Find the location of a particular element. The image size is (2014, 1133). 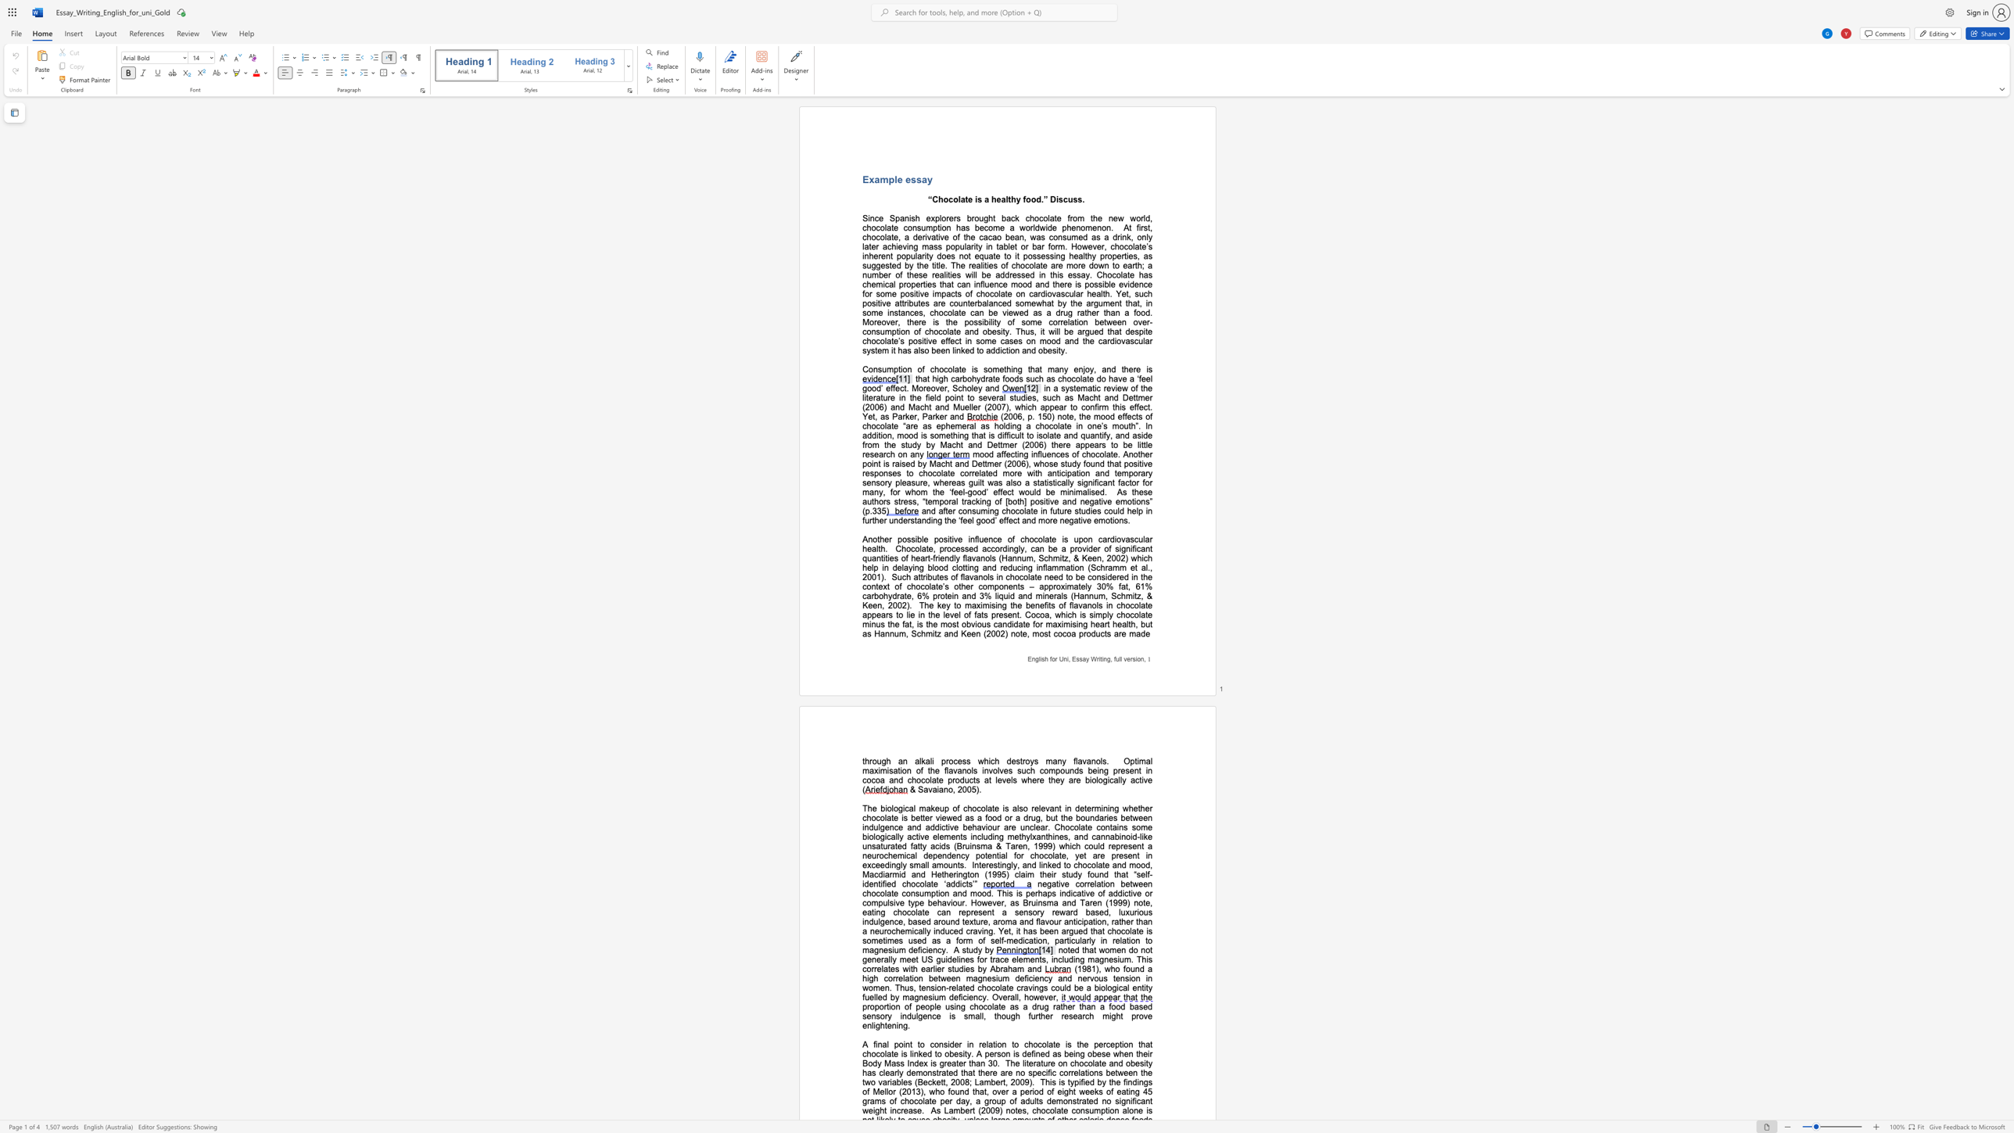

the subset text "en link" within the text "the argument that, in some instances, chocolate can be viewed as a drug rather than a food. Moreover, there is the possibility of some correlation between over-consumption of chocolate and obesity. Thus, it will be argued that despite chocolate’s positive effect in some cases on mood and the cardiovascular system it has also been linked to addiction and obesity." is located at coordinates (941, 350).